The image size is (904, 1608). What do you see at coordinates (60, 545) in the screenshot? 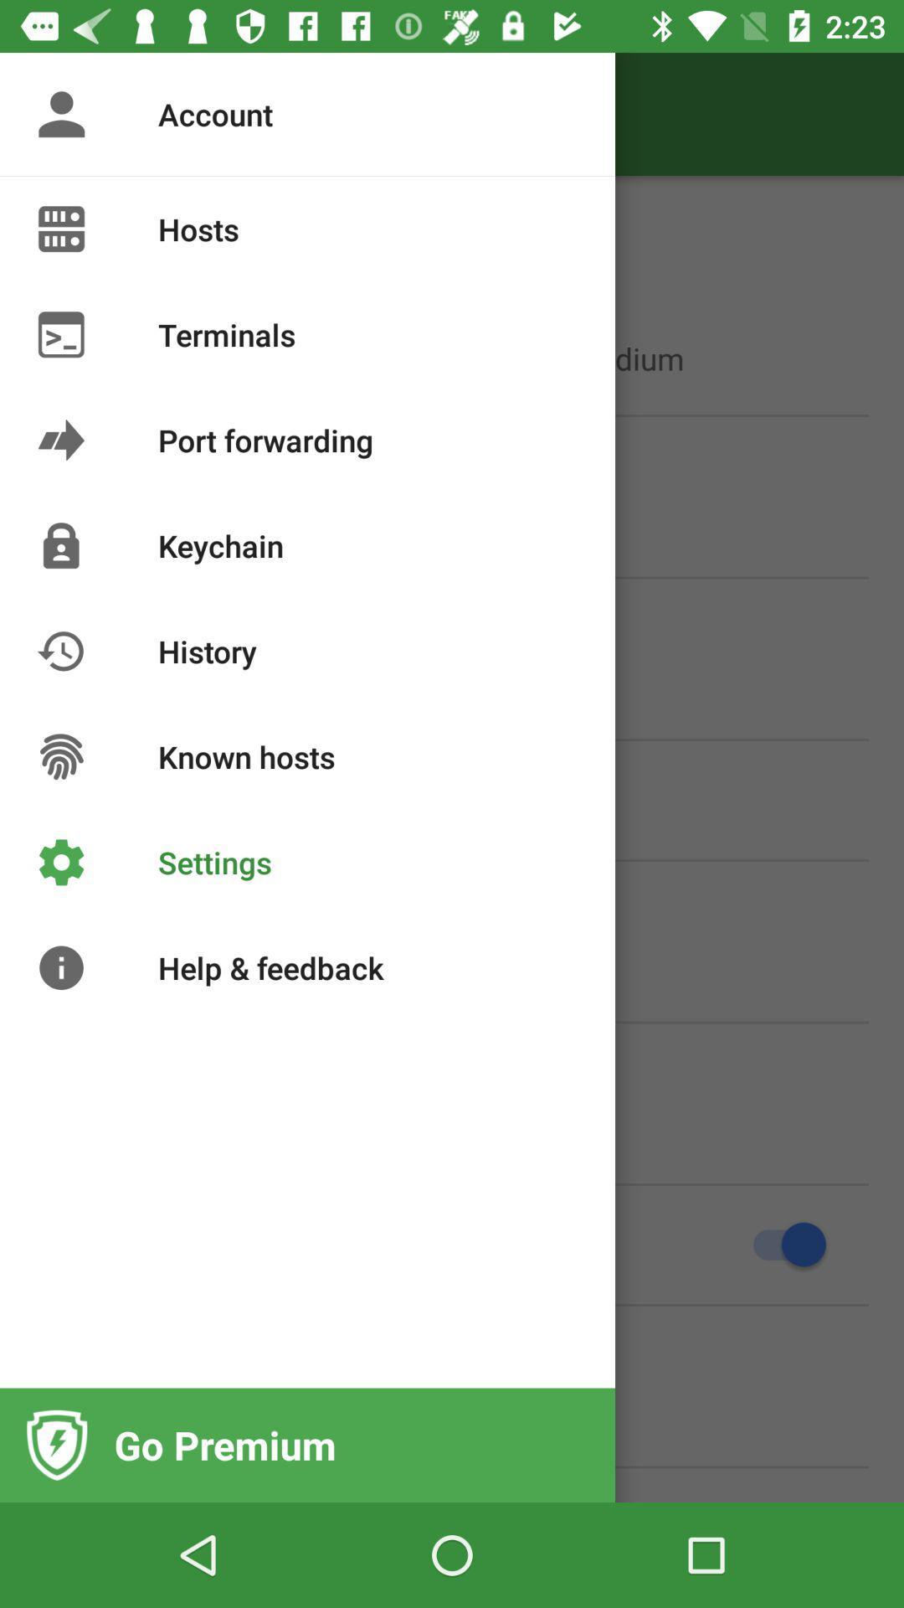
I see `the image of lock at left side of keychain` at bounding box center [60, 545].